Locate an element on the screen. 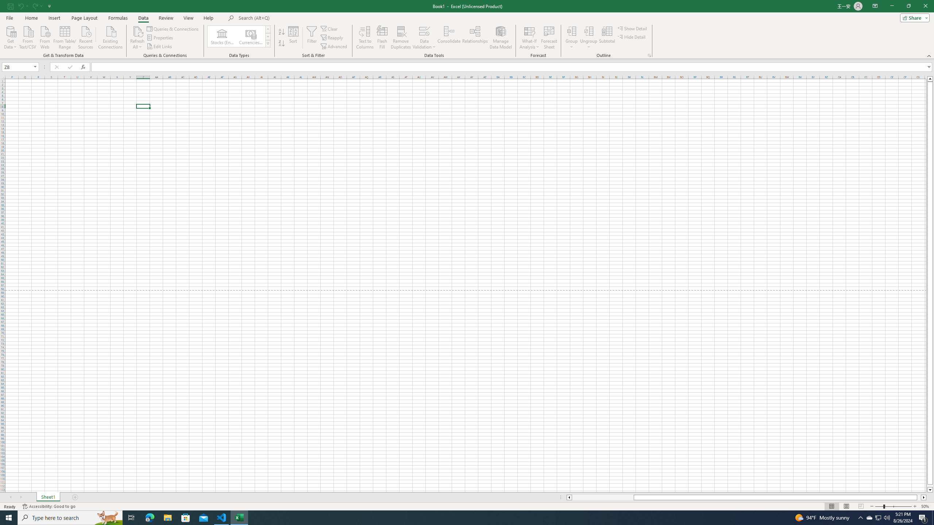  'Sort A to Z' is located at coordinates (281, 32).